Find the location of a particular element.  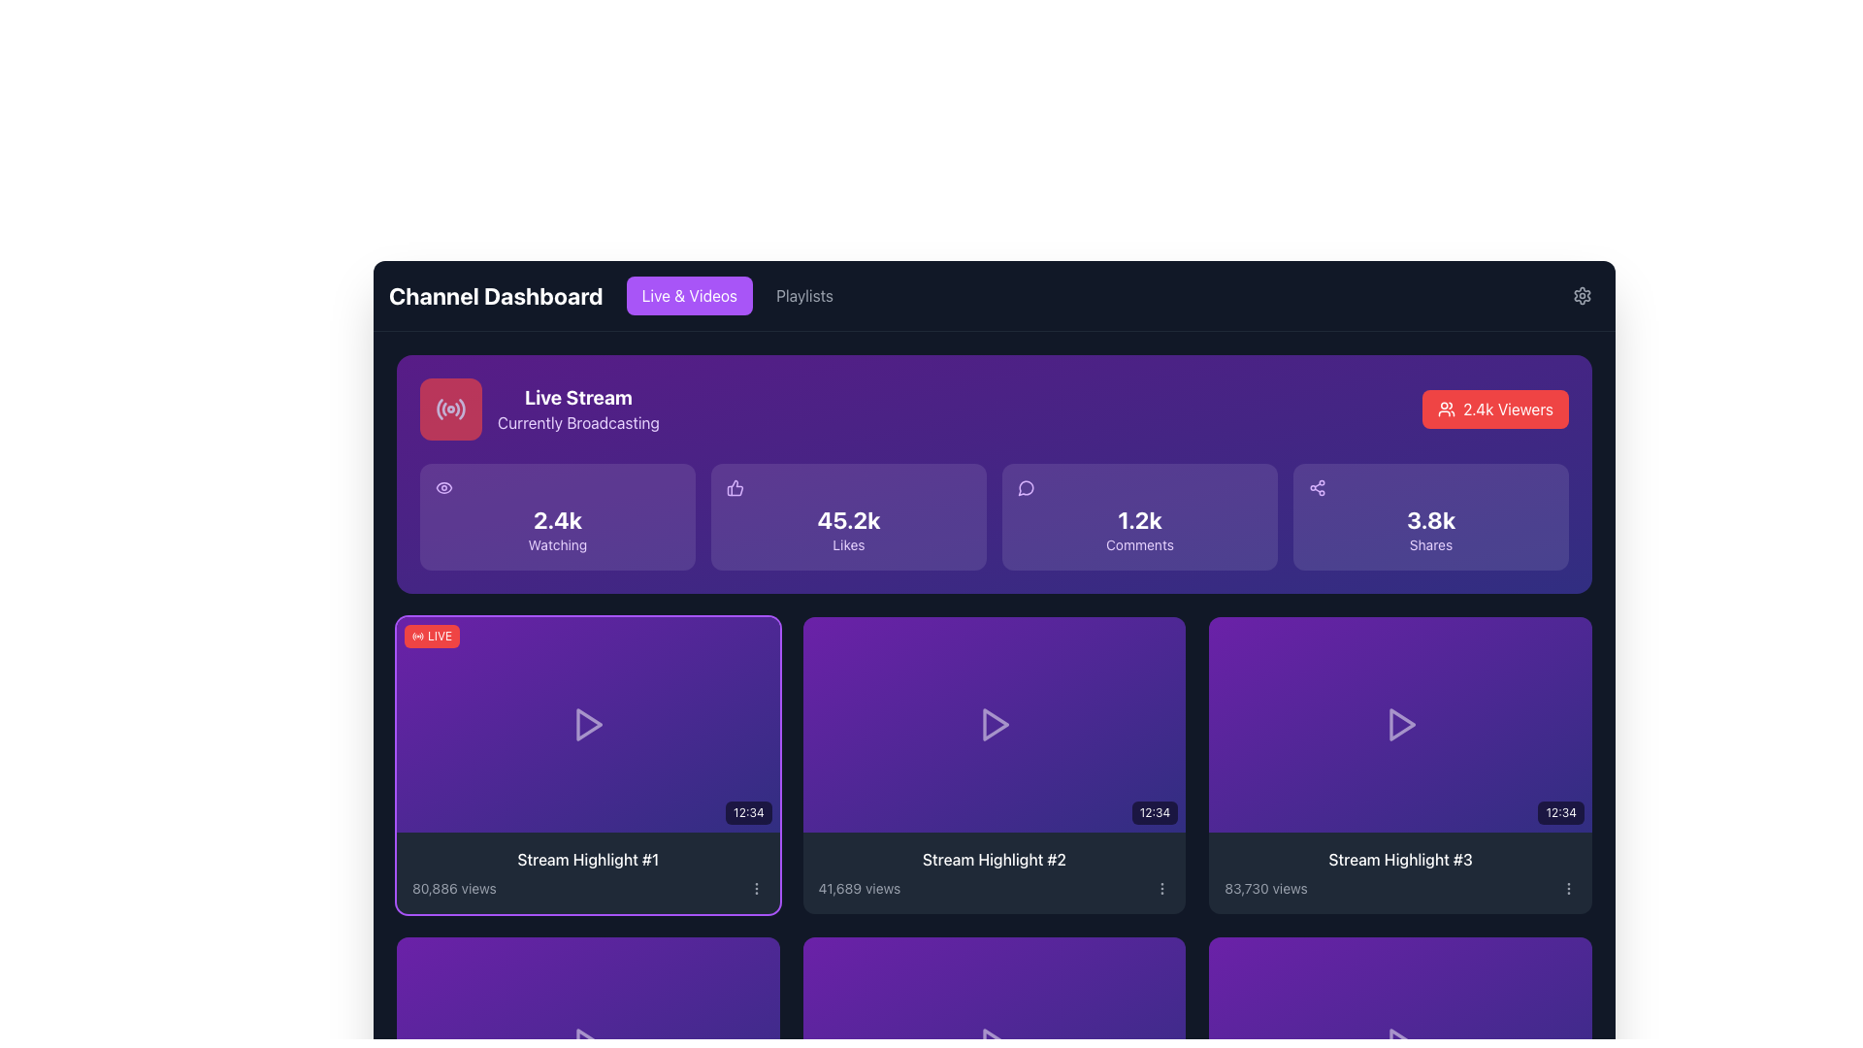

the playback icon located in the 'Stream Highlight #1' card, positioned centrally beneath the 'LIVE' label and above '80,886 views' is located at coordinates (589, 724).